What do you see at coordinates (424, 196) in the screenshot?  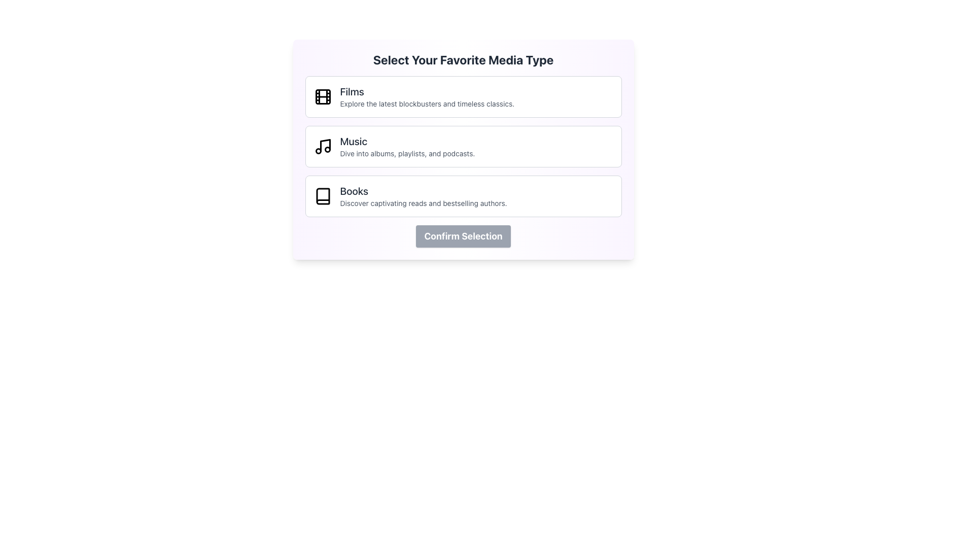 I see `the informational block titled 'Books' that contains the text 'Discover captivating reads and bestselling authors', located in the third row of the list under 'Select Your Favorite Media Type'` at bounding box center [424, 196].